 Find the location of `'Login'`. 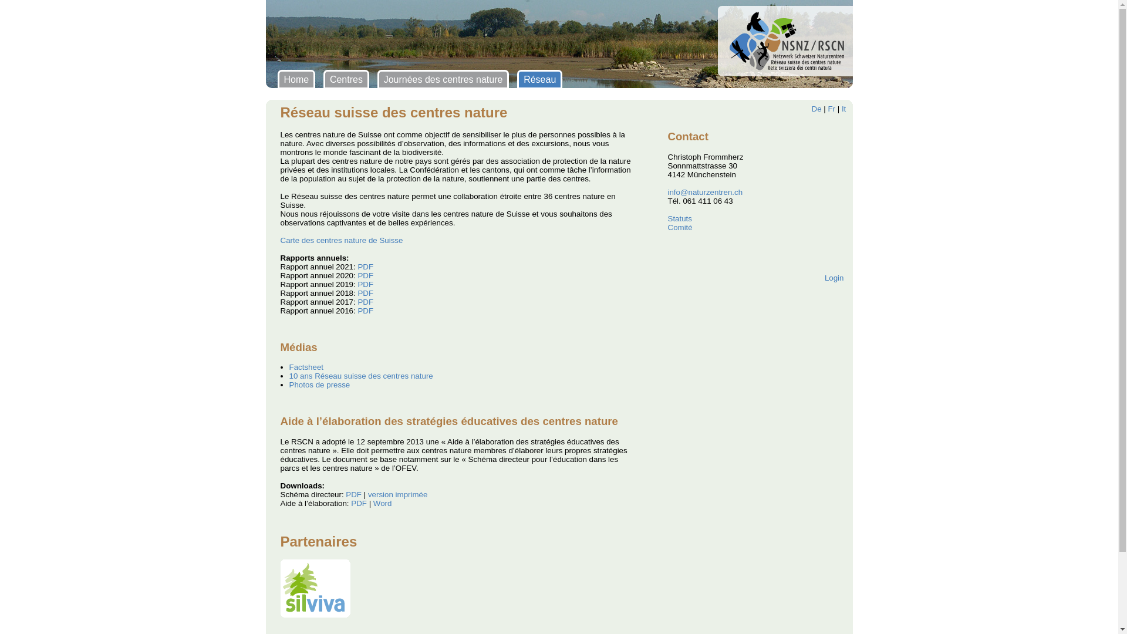

'Login' is located at coordinates (824, 278).